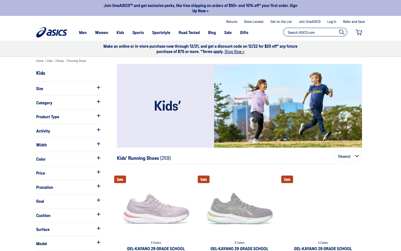 The image size is (401, 251). Describe the element at coordinates (82, 32) in the screenshot. I see `Look for shoes in the men"s department, not the kid"s section` at that location.